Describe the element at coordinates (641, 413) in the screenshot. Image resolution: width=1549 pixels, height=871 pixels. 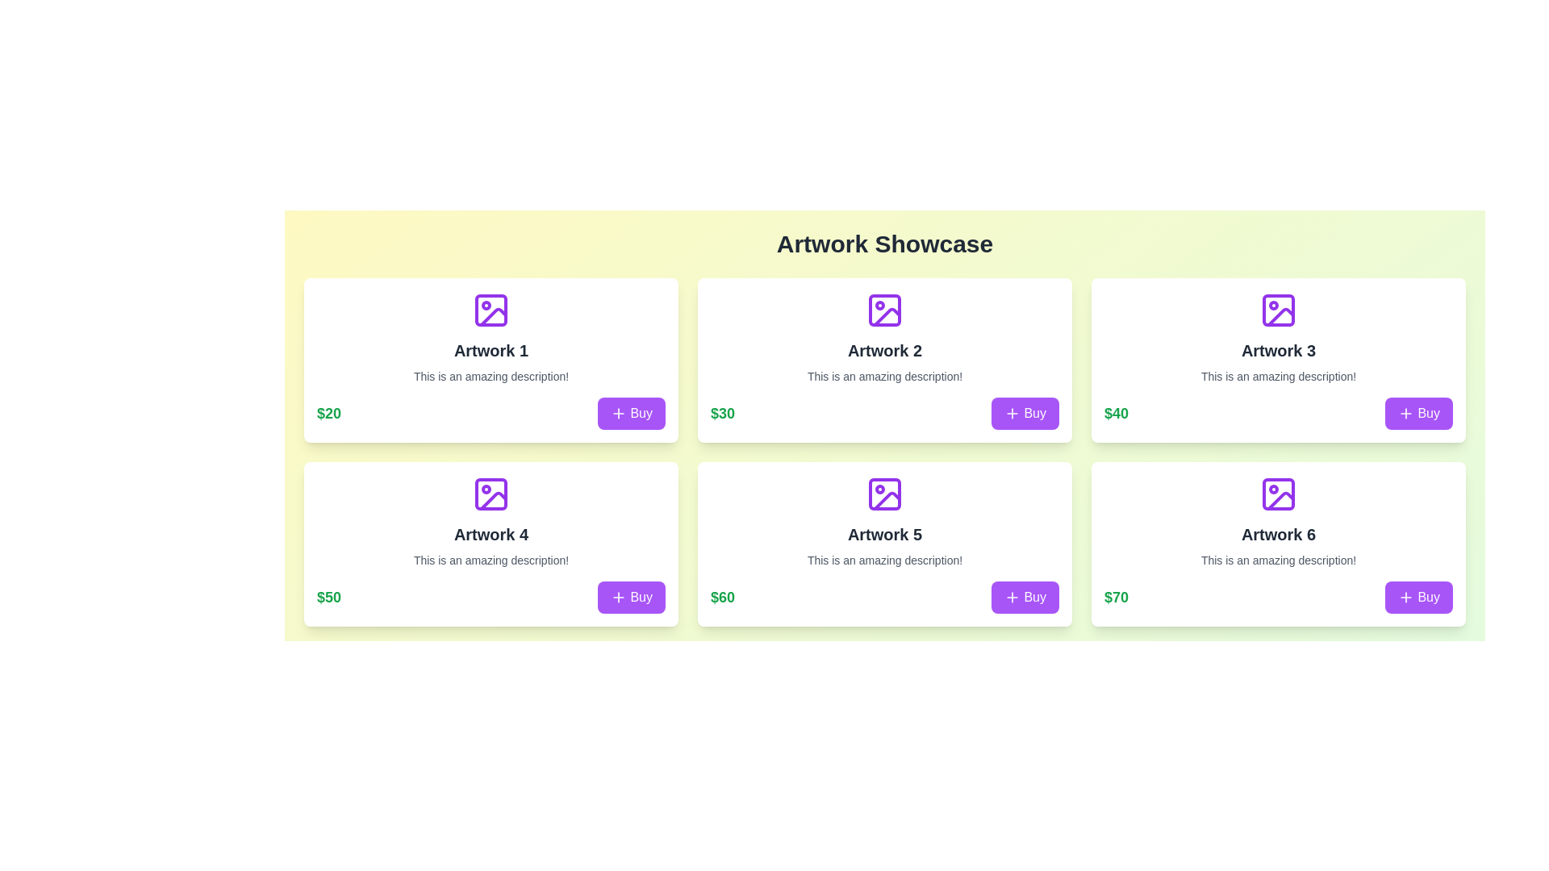
I see `text 'Buy' from the text label that indicates the purchase action for the purple button in the bottom-right corner of the card for 'Artwork 1'` at that location.